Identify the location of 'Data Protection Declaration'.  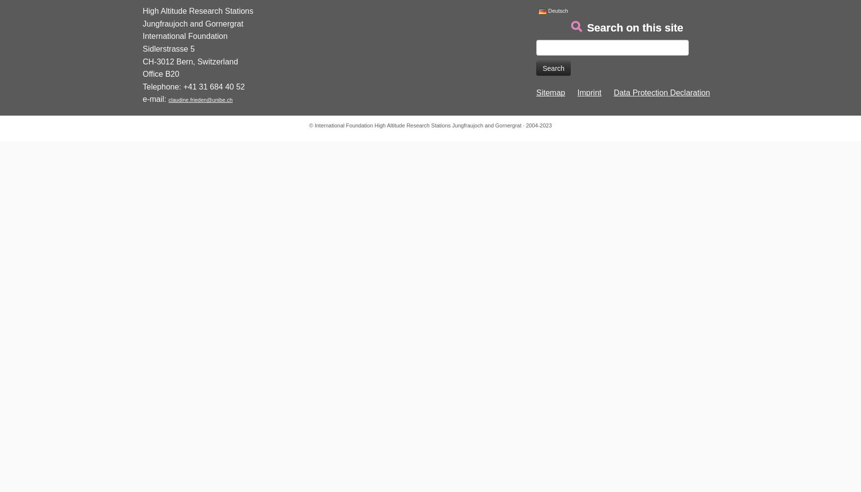
(662, 92).